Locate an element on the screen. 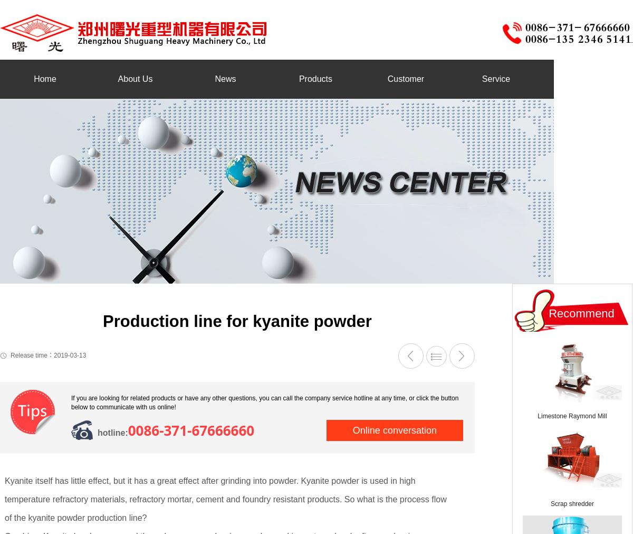 The width and height of the screenshot is (633, 534). 'If you are looking for related products or have any other questions, you can call
                    the company service hotline at any time, or click the button below to communicate
                    with us online!' is located at coordinates (264, 401).